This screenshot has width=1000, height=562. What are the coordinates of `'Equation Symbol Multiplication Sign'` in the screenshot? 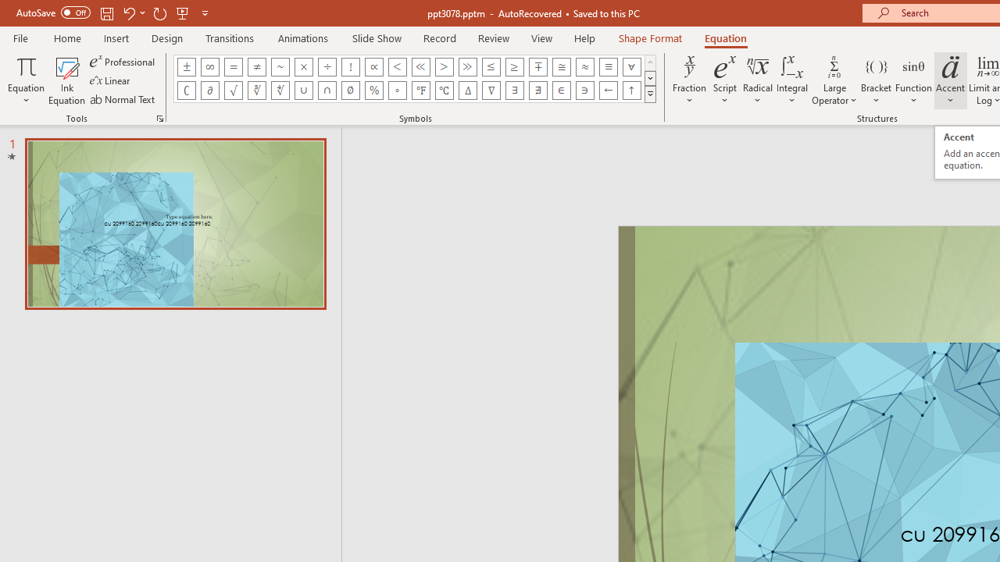 It's located at (304, 66).